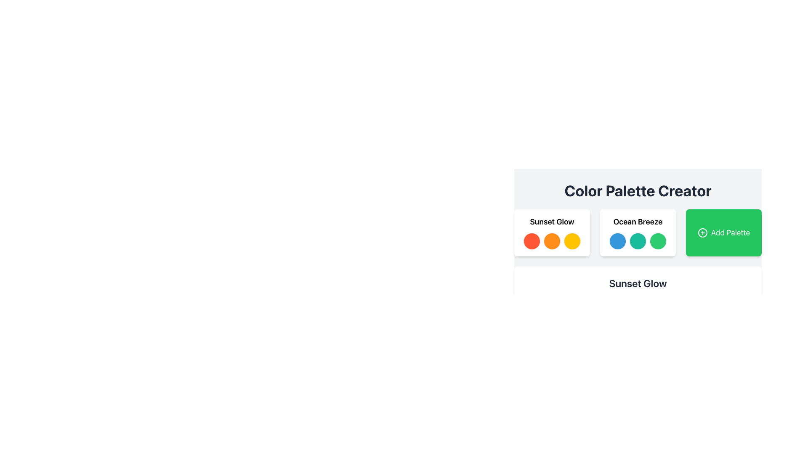 This screenshot has height=454, width=808. What do you see at coordinates (658, 241) in the screenshot?
I see `the colored indicator circle located in the bottom right corner of the 'Ocean Breeze' panel, which is the third circle in a row of three, representing a color in the palette` at bounding box center [658, 241].